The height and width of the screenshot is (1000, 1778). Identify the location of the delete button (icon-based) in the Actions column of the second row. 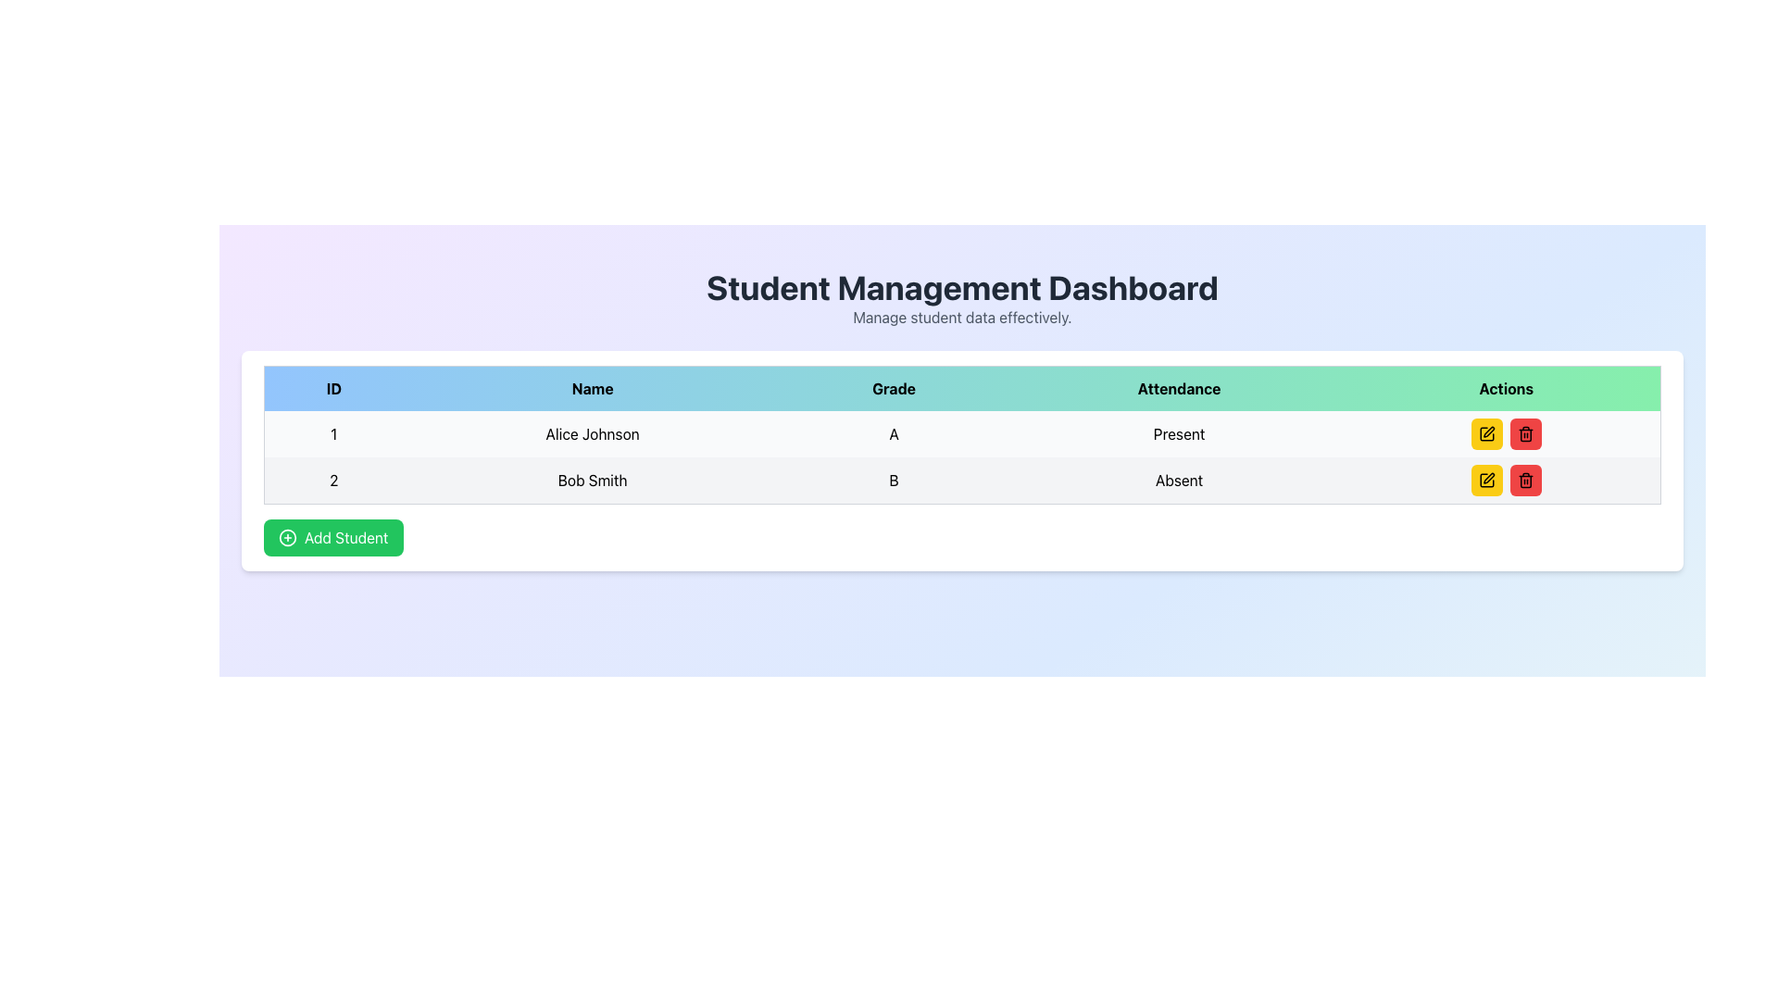
(1525, 481).